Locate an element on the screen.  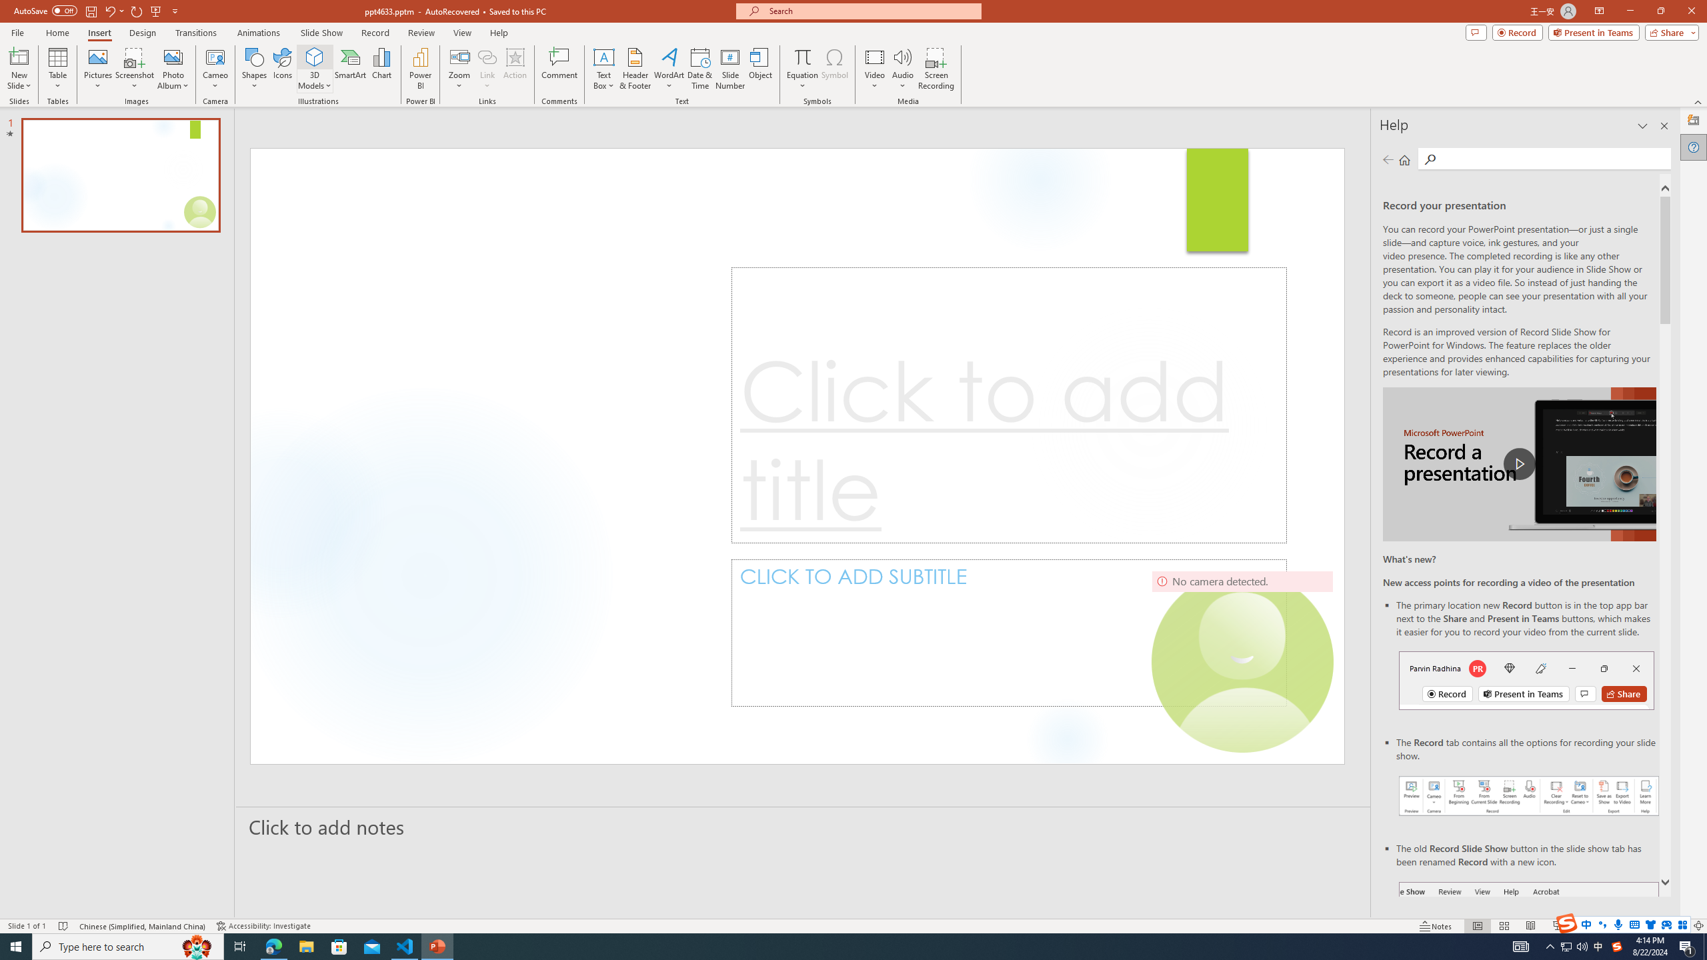
'Comment' is located at coordinates (558, 69).